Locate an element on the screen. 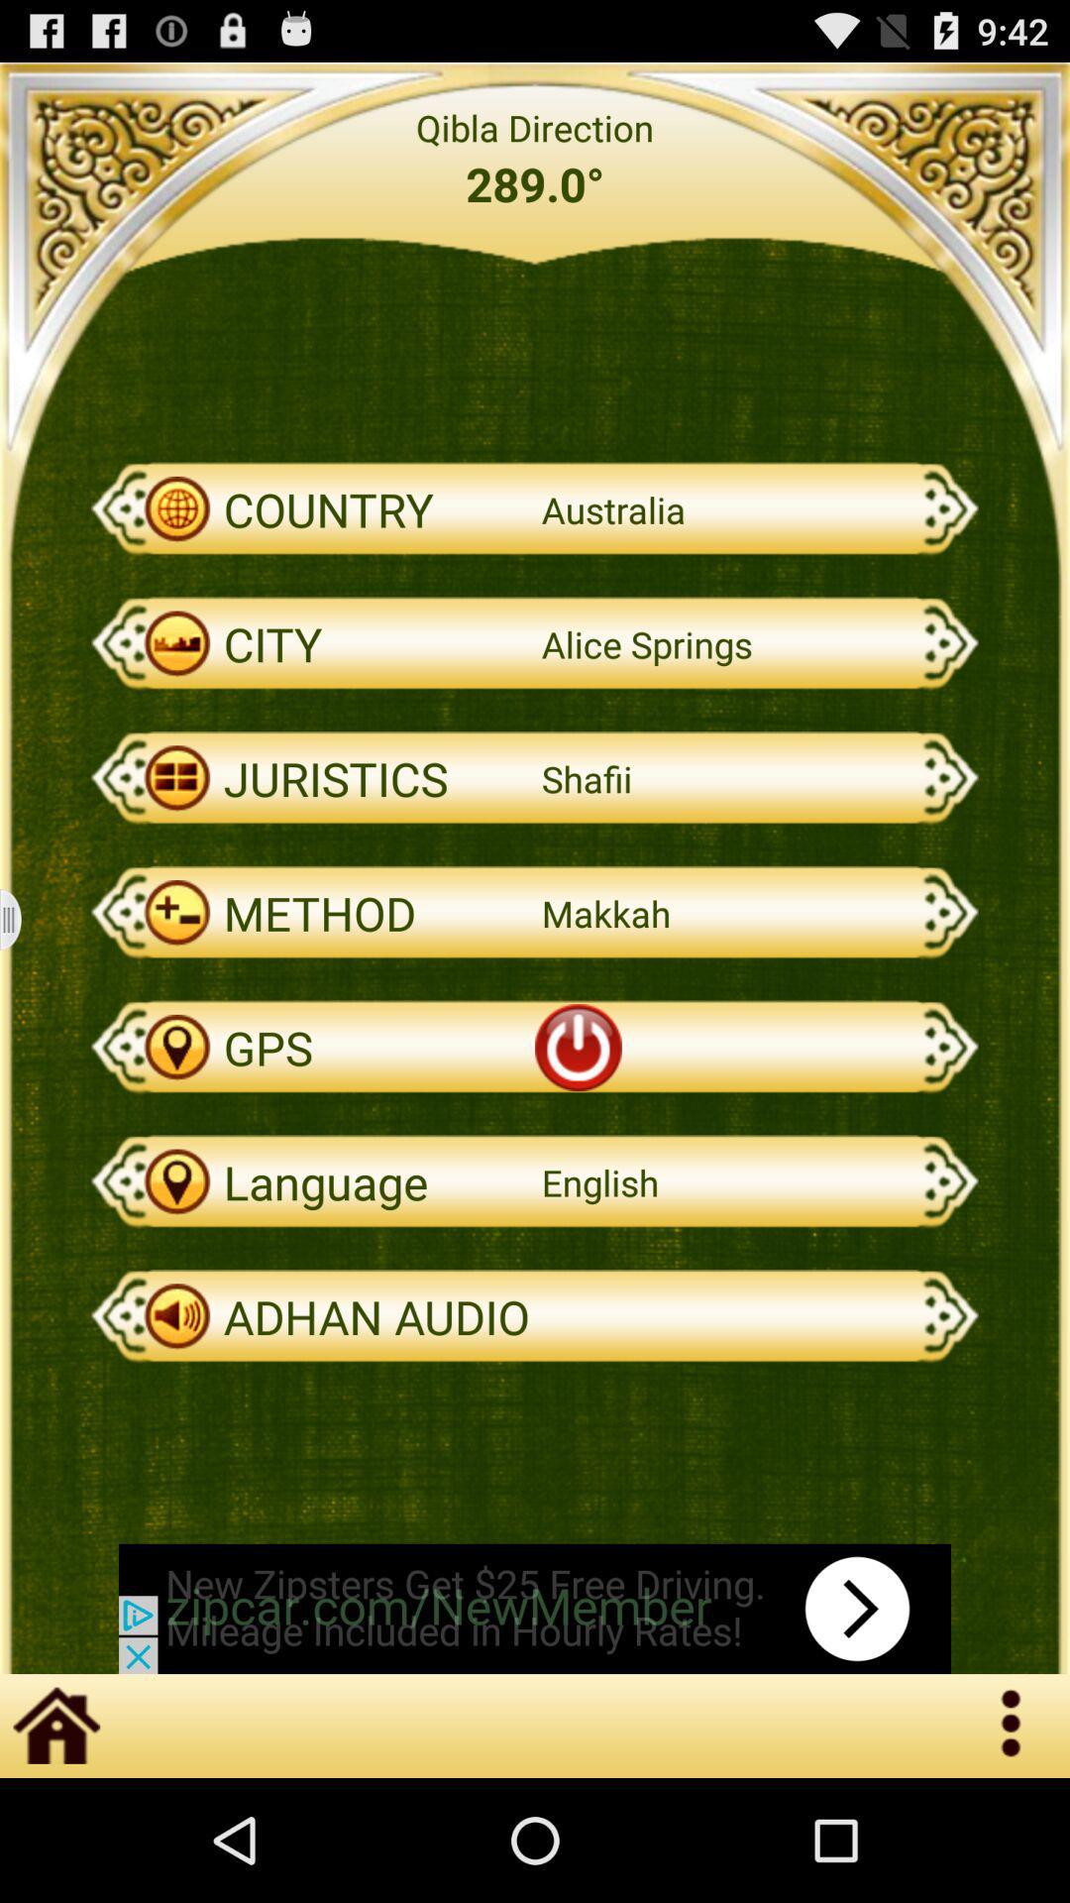 The height and width of the screenshot is (1903, 1070). the menu icon is located at coordinates (23, 984).